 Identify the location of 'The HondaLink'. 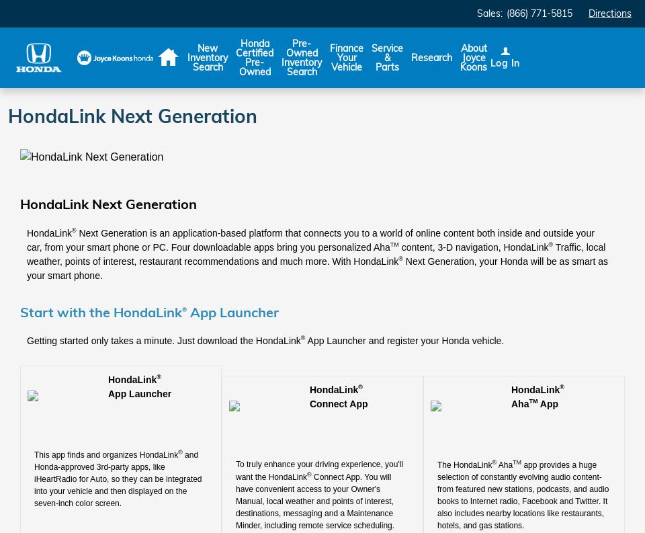
(464, 464).